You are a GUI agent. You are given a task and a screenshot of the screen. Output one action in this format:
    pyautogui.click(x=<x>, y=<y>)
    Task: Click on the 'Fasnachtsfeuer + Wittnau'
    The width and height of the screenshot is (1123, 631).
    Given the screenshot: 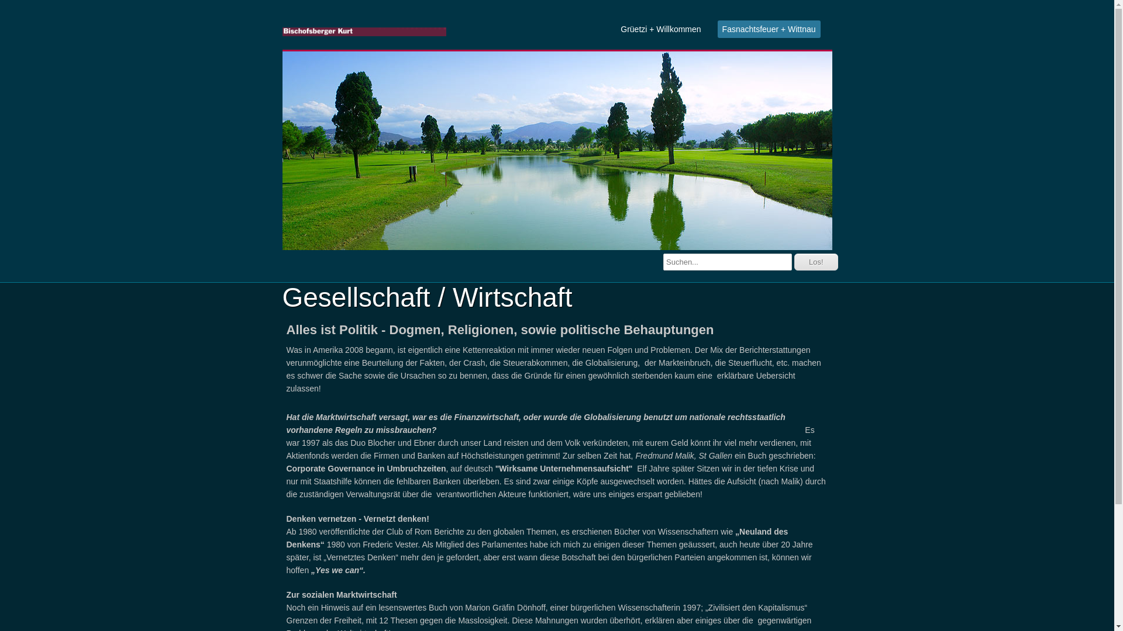 What is the action you would take?
    pyautogui.click(x=769, y=29)
    